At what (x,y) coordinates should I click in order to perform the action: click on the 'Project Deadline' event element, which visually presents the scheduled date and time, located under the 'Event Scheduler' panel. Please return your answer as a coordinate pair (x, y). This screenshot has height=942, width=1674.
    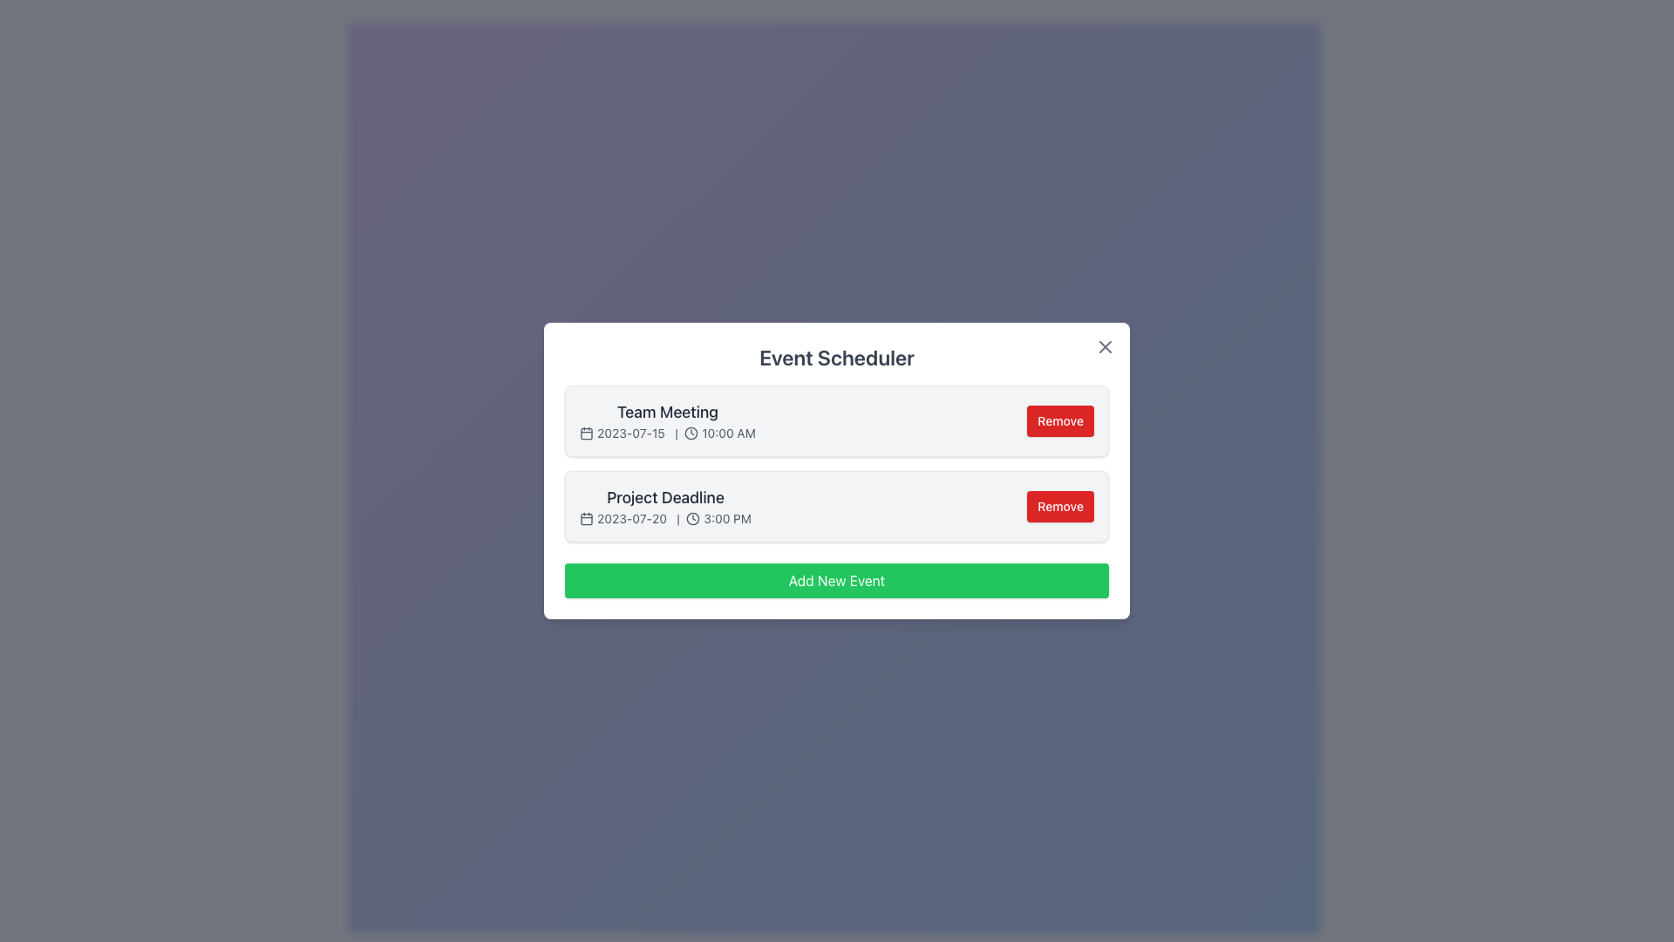
    Looking at the image, I should click on (664, 517).